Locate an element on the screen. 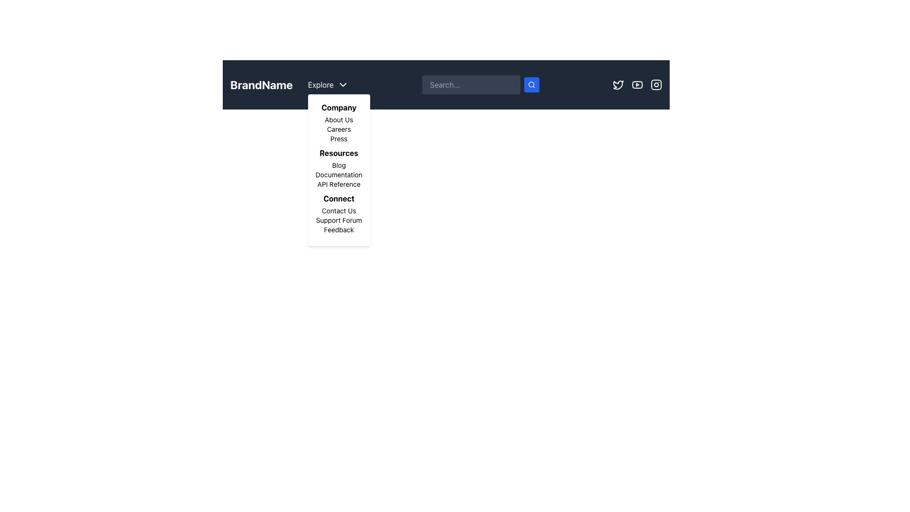  the 'Contact Us' text link located in the 'Connect' section of the dropdown menu is located at coordinates (339, 210).